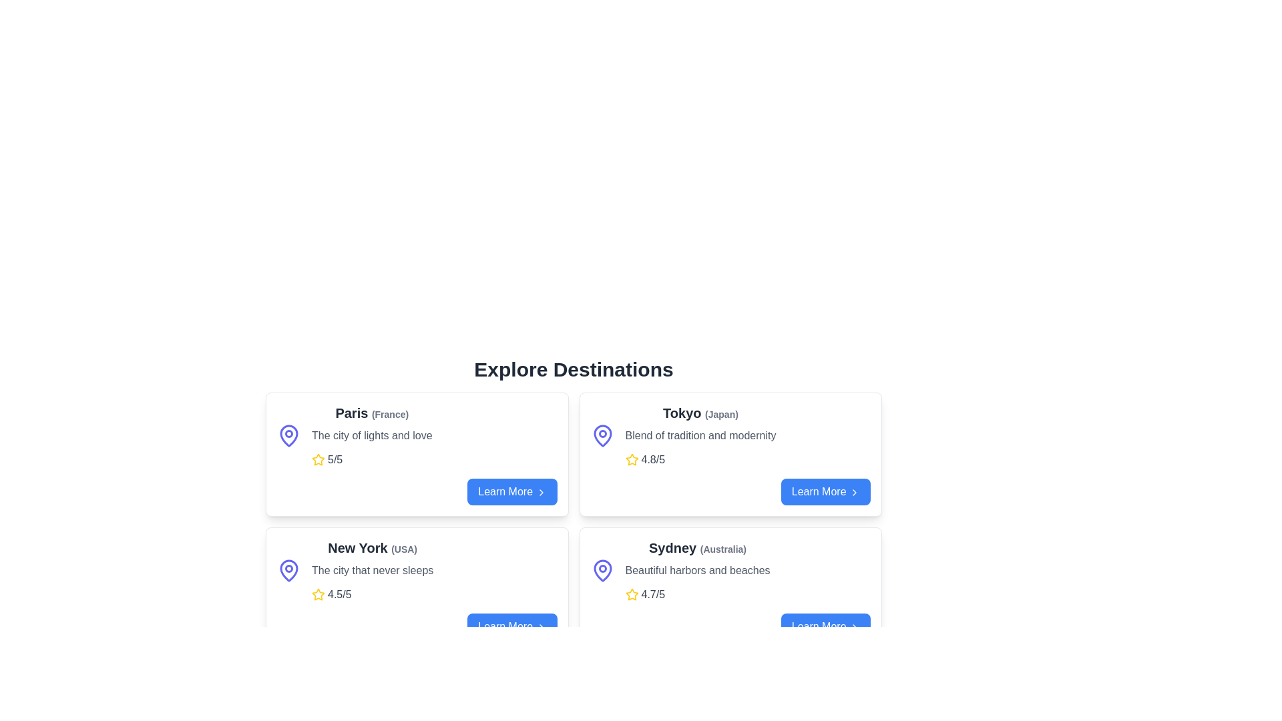 This screenshot has height=721, width=1282. What do you see at coordinates (602, 435) in the screenshot?
I see `the location pin icon for the 'Tokyo (Japan)' card, which is positioned at the top-left corner of the card above the text 'Blend of tradition and modernity'` at bounding box center [602, 435].